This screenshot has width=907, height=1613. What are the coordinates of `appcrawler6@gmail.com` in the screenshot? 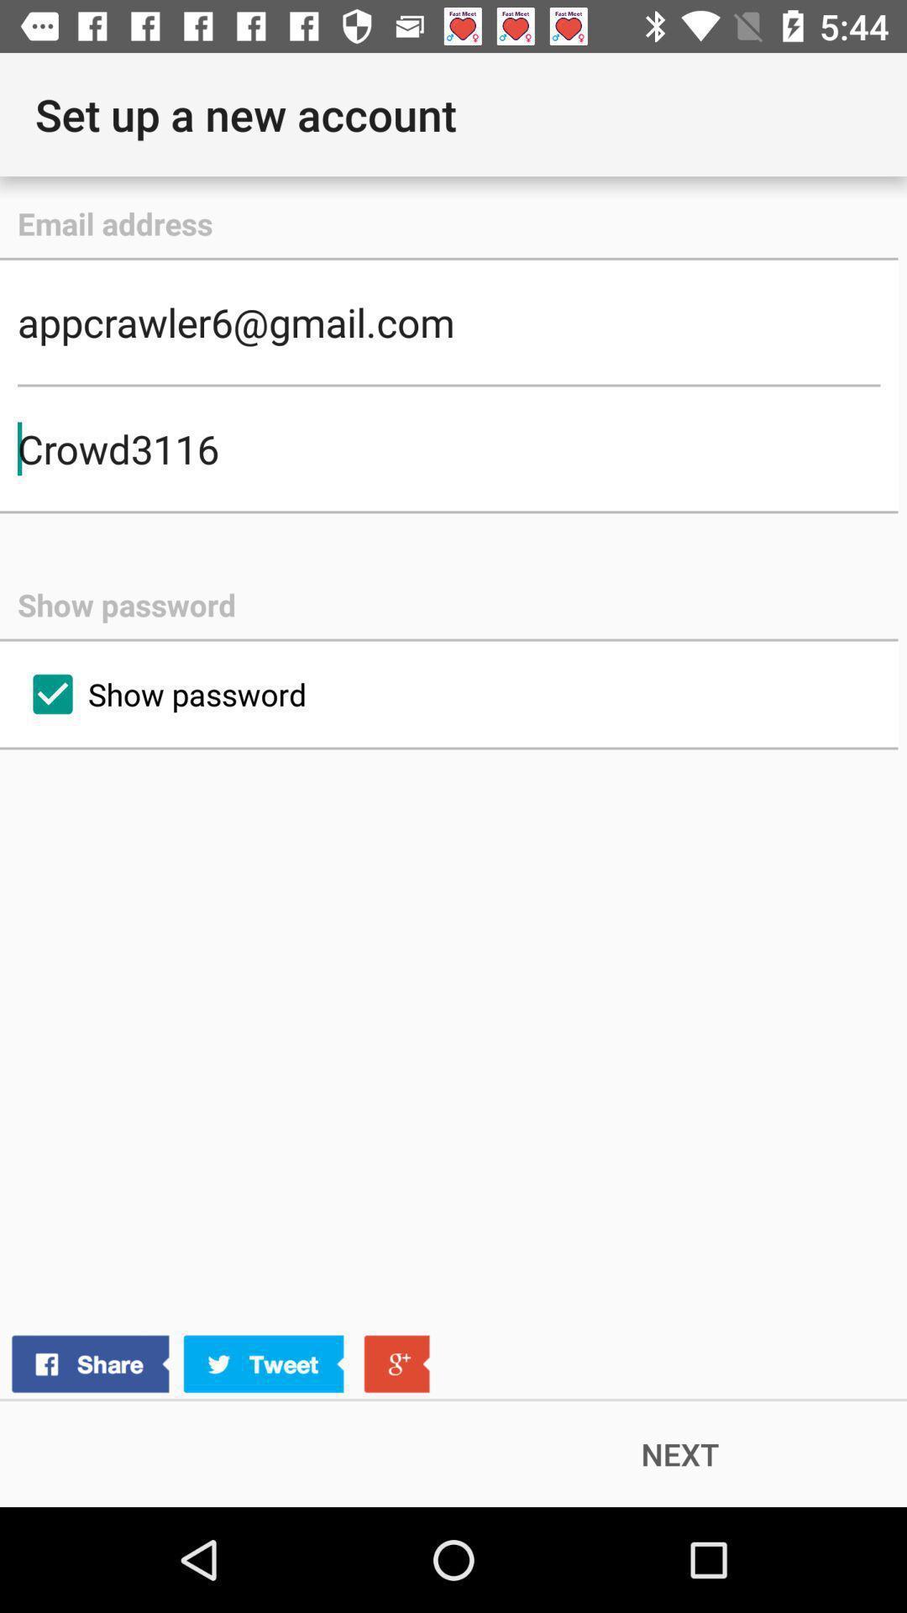 It's located at (448, 322).